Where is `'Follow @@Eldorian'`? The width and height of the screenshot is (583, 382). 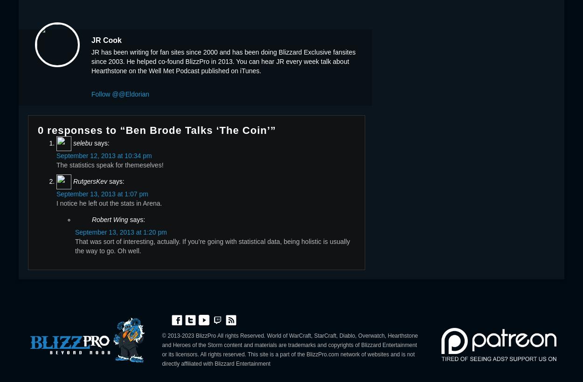 'Follow @@Eldorian' is located at coordinates (91, 93).